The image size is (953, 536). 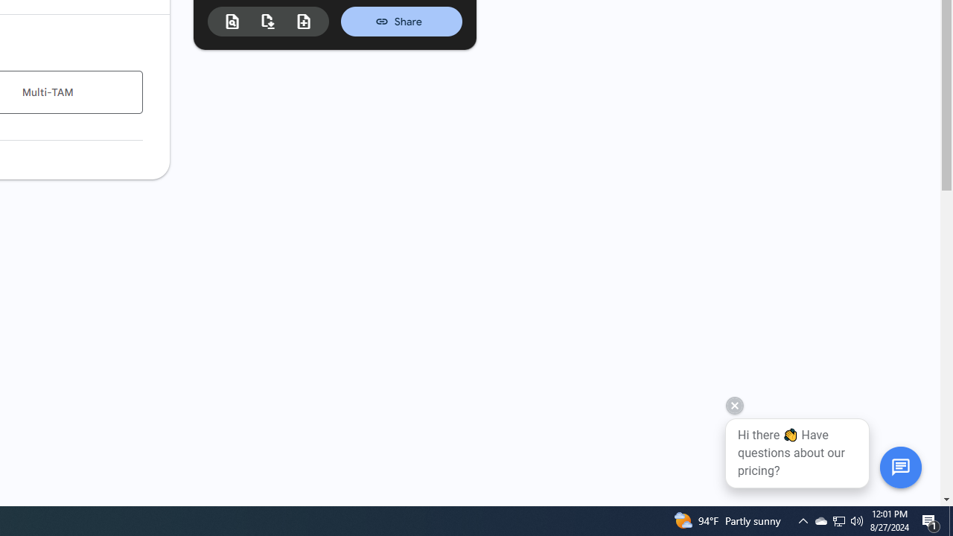 I want to click on 'Open Share Estimate dialog', so click(x=401, y=21).